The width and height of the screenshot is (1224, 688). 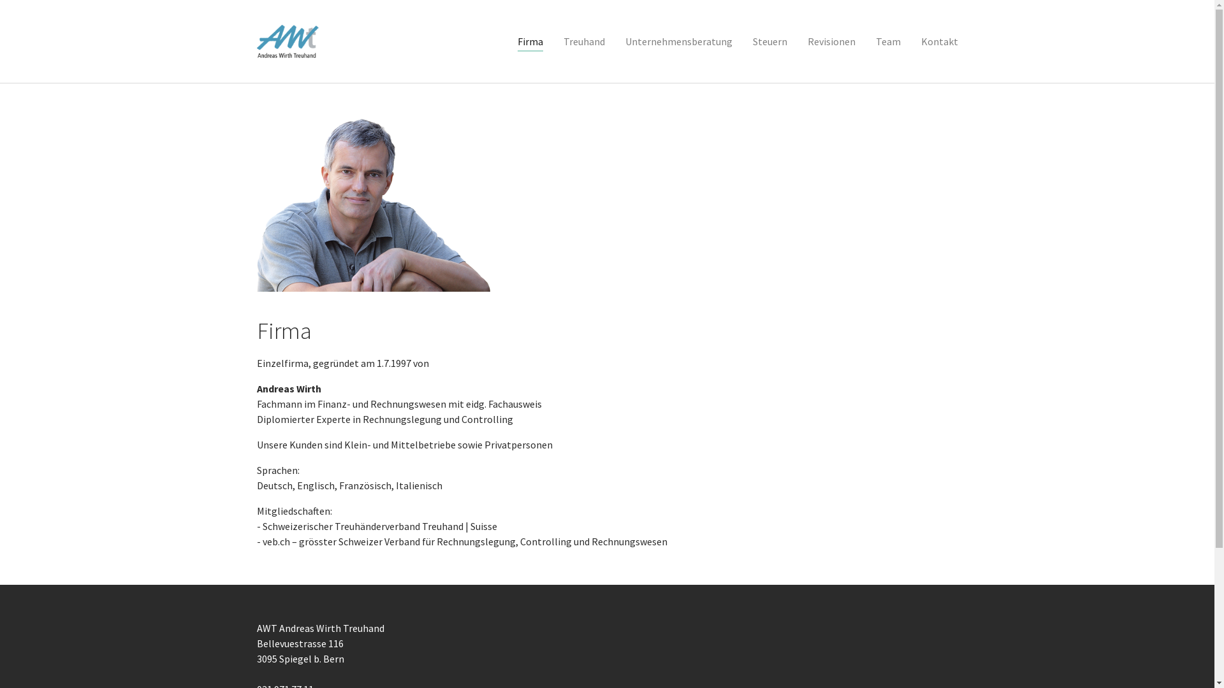 What do you see at coordinates (866, 41) in the screenshot?
I see `'Team'` at bounding box center [866, 41].